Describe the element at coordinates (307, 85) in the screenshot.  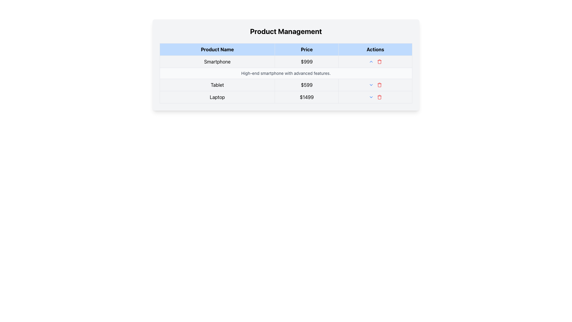
I see `the Text label displaying '$599' which is located in the 'Price' column for the 'Tablet' product, positioned between the 'Tablet' cell and the 'Actions' cell` at that location.